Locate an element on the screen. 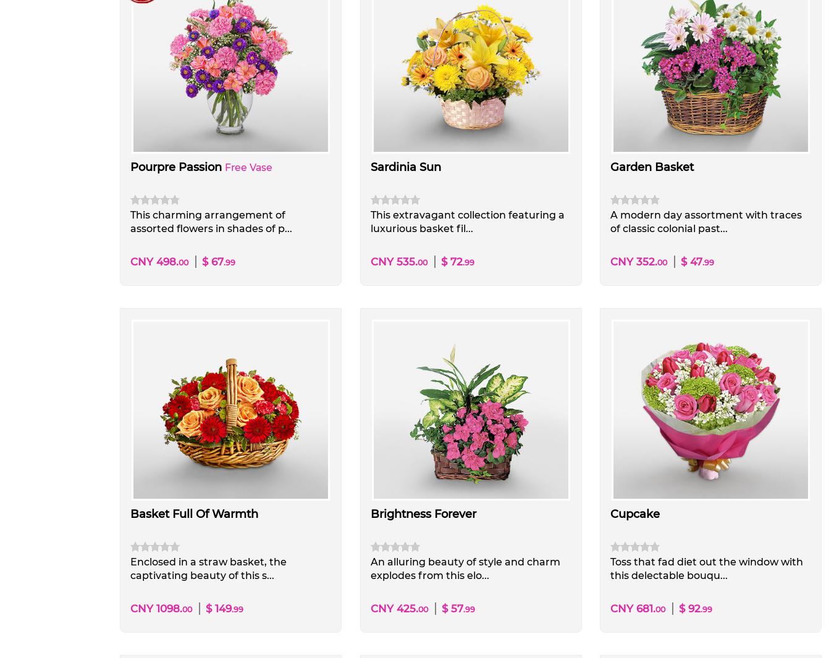 The image size is (834, 658). 'CNY 535.' is located at coordinates (394, 260).